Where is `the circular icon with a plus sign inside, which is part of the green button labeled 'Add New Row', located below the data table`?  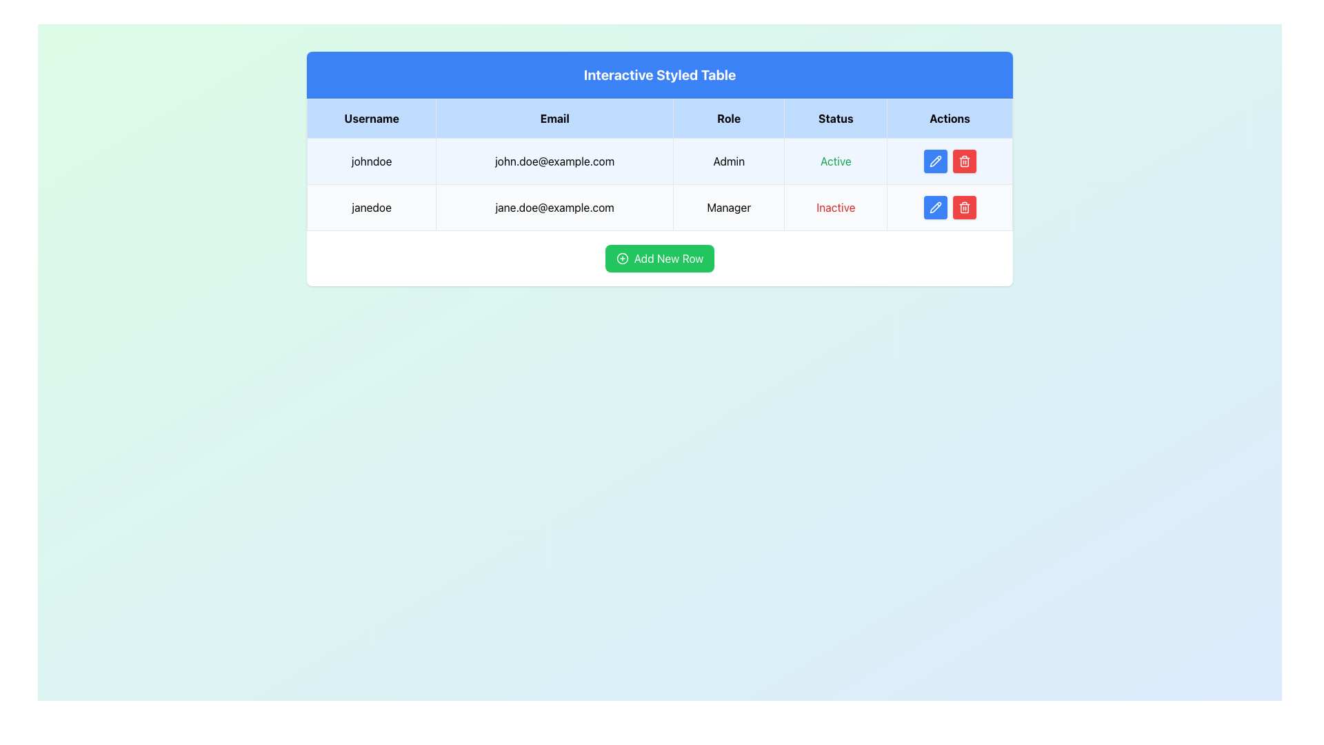
the circular icon with a plus sign inside, which is part of the green button labeled 'Add New Row', located below the data table is located at coordinates (621, 258).